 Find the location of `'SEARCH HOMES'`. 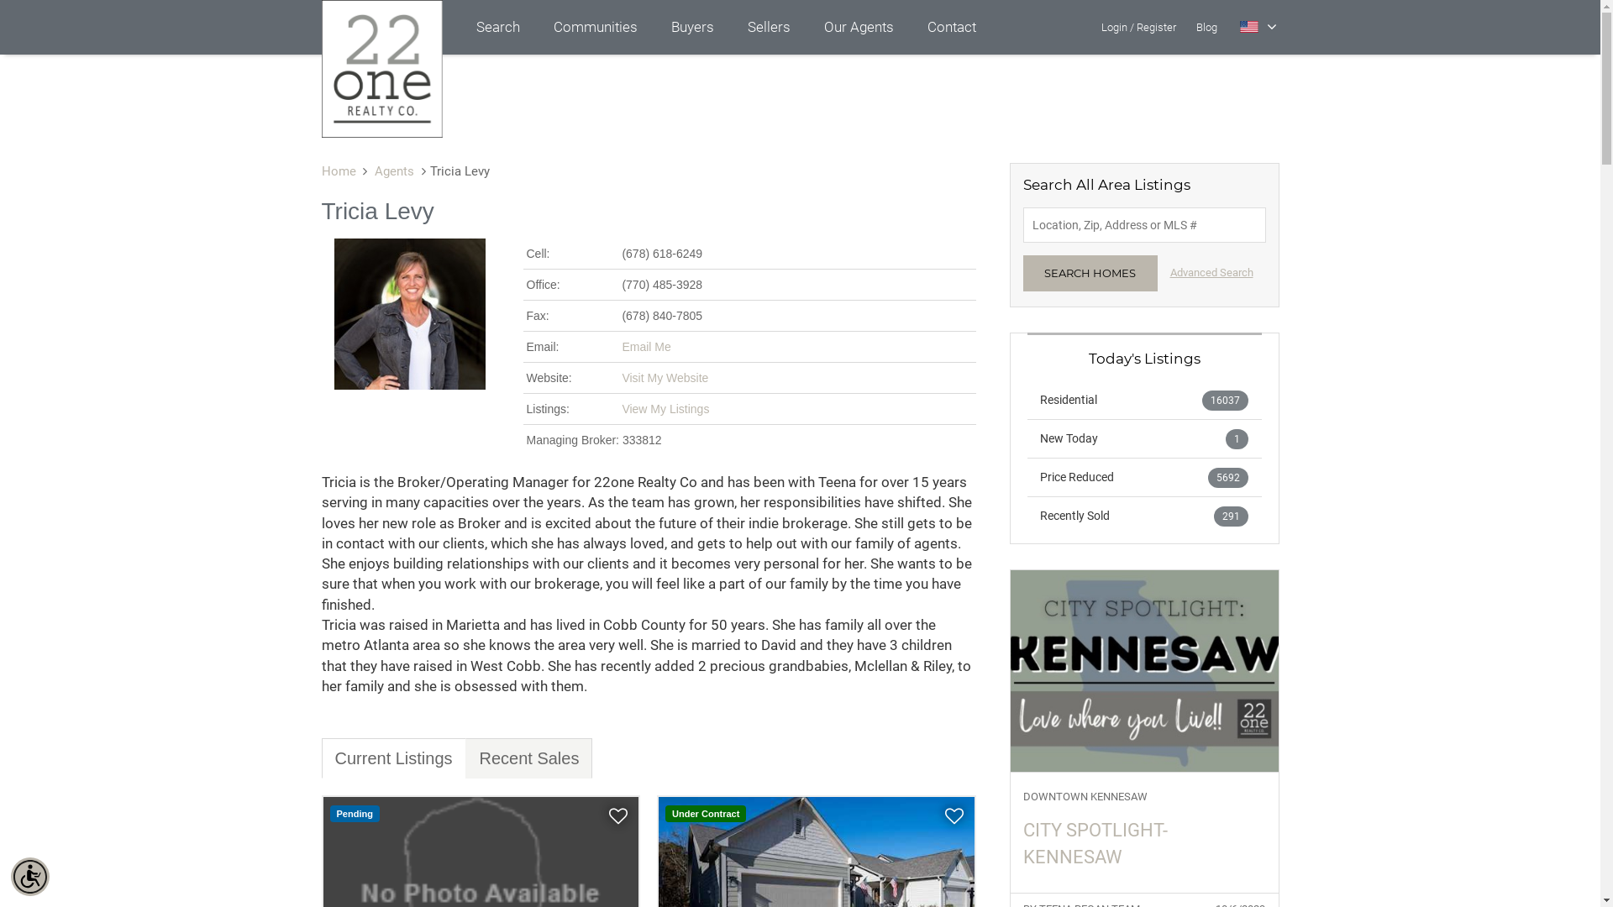

'SEARCH HOMES' is located at coordinates (1022, 272).